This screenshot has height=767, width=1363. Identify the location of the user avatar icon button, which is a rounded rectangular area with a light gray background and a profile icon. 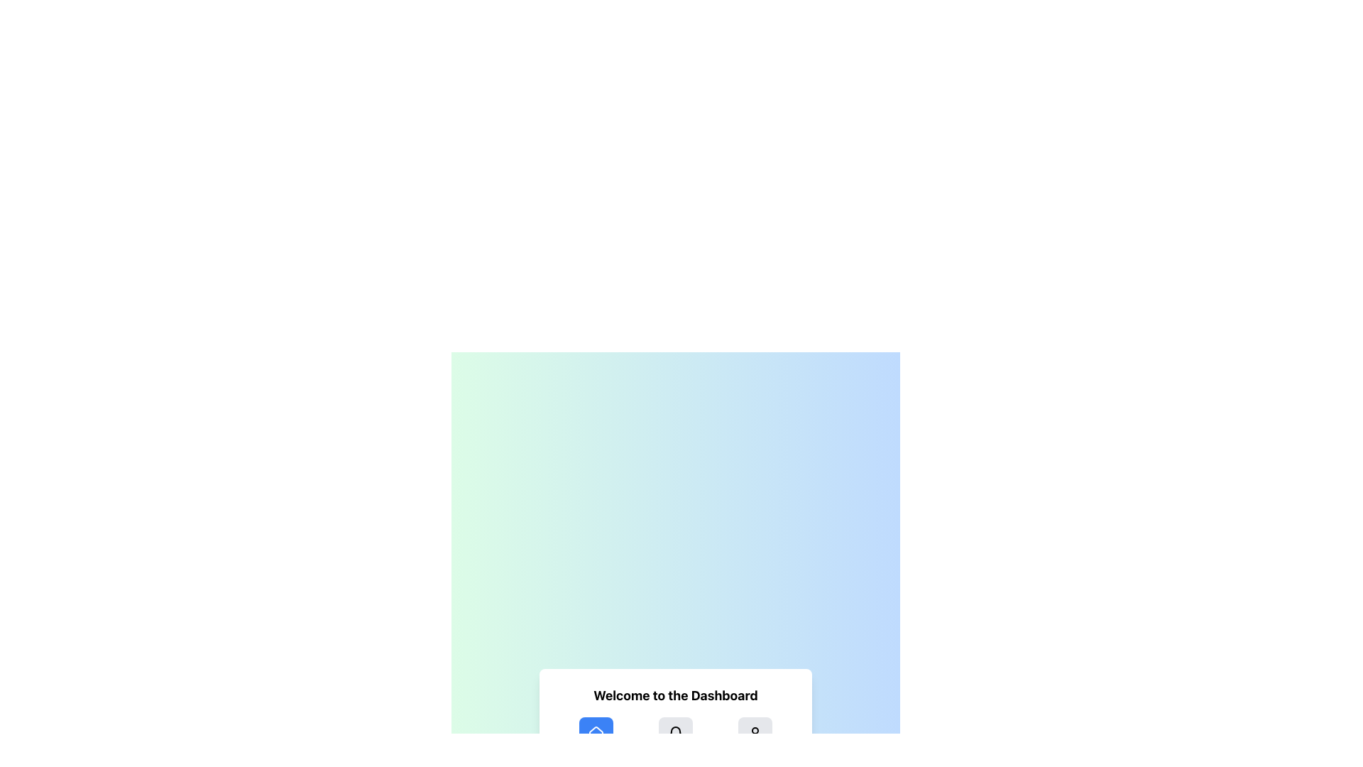
(755, 734).